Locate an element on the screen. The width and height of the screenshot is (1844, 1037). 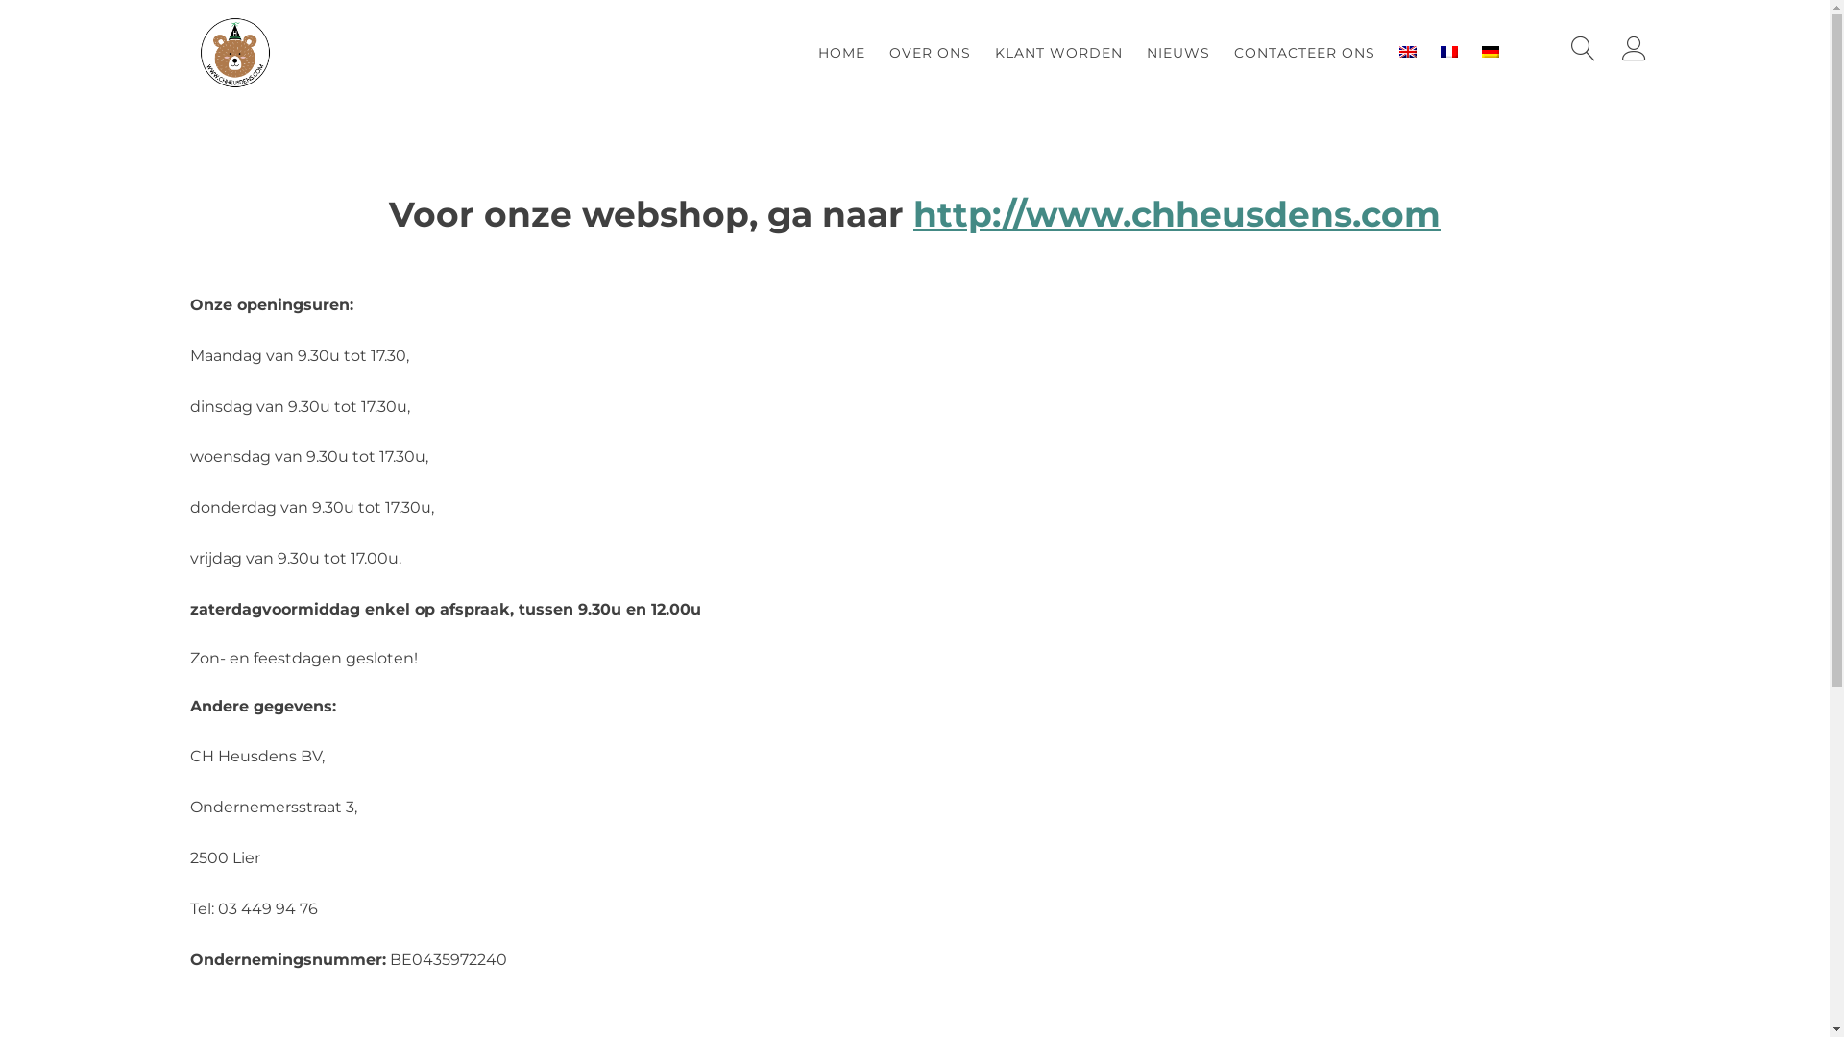
'OVER ONS' is located at coordinates (930, 51).